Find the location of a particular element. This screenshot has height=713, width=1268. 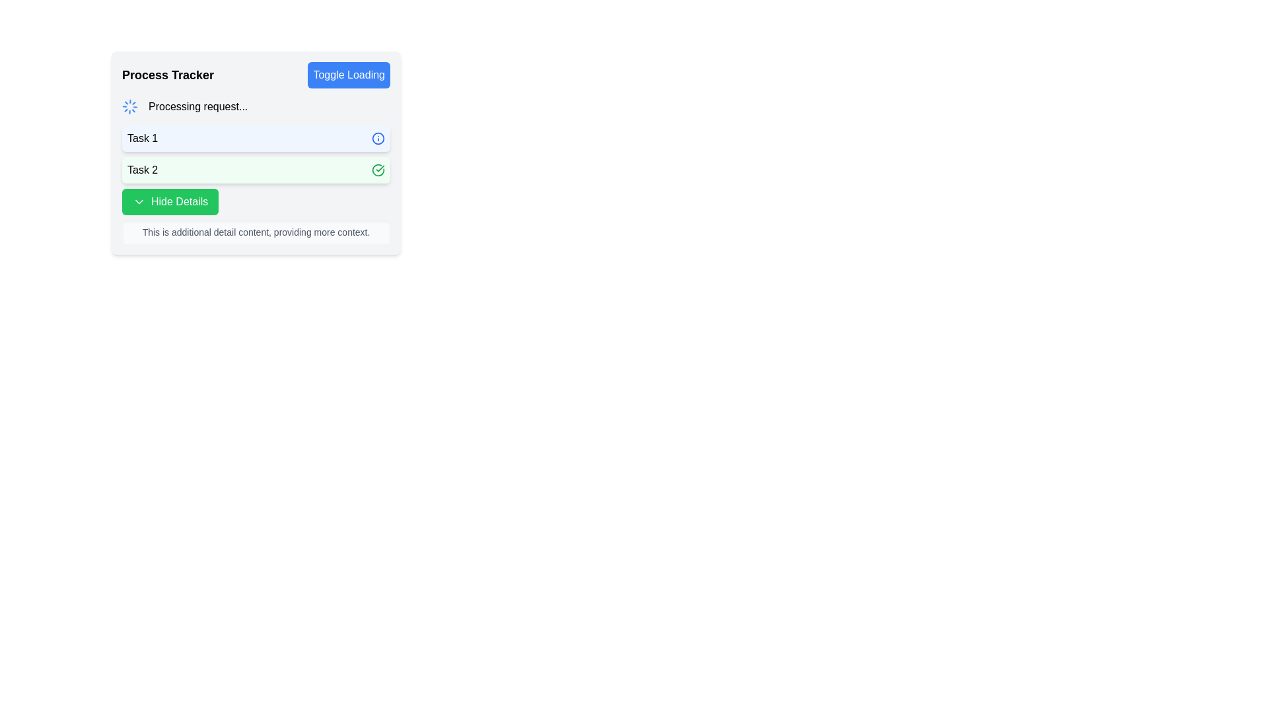

the green checkmark icon within the 'Task 2' row is located at coordinates (377, 170).